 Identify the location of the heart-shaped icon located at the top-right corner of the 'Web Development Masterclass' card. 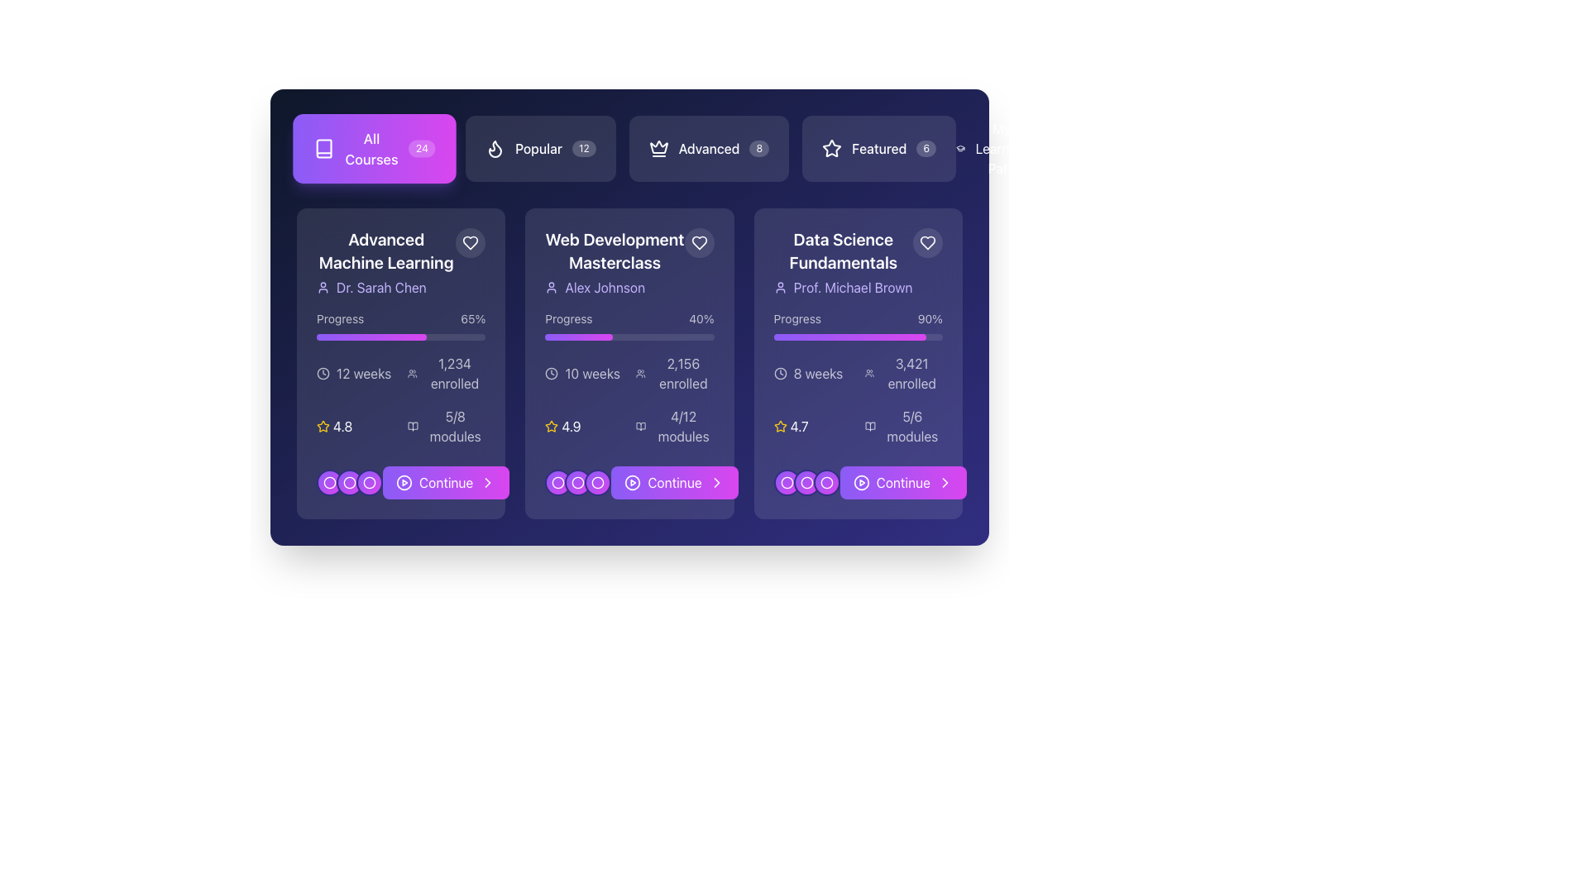
(699, 242).